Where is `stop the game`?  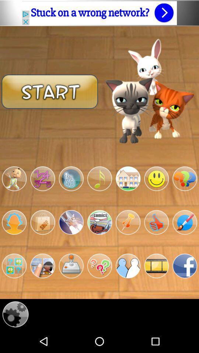 stop the game is located at coordinates (42, 222).